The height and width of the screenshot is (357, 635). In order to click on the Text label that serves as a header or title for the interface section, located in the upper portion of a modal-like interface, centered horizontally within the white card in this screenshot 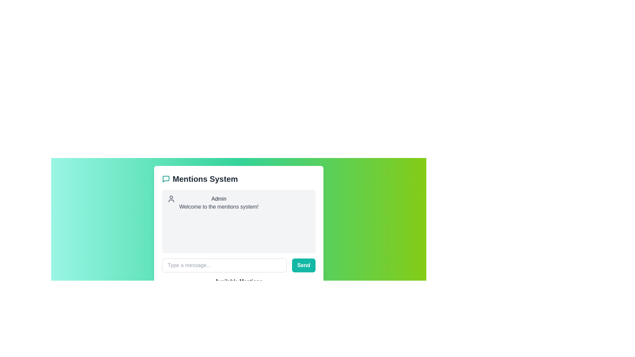, I will do `click(205, 179)`.